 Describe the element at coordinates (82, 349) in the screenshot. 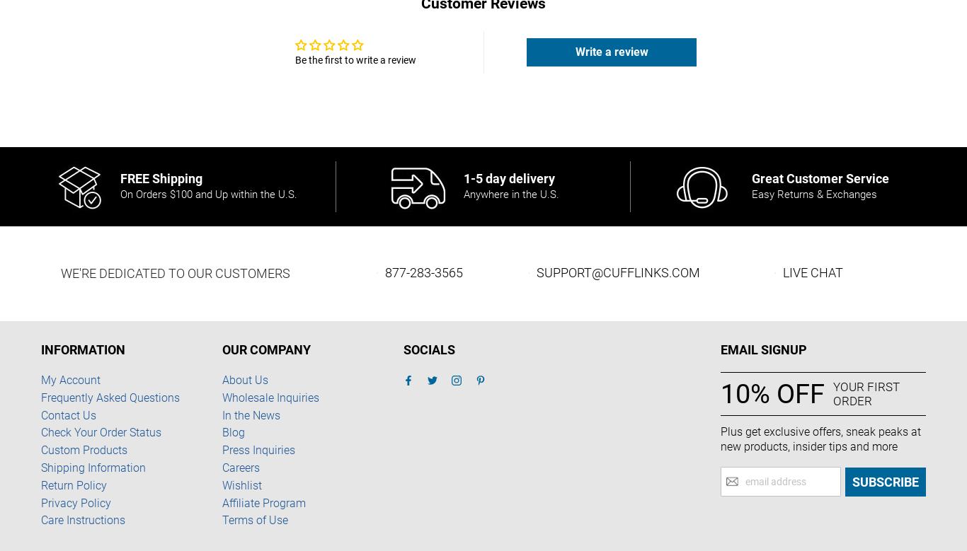

I see `'Information'` at that location.